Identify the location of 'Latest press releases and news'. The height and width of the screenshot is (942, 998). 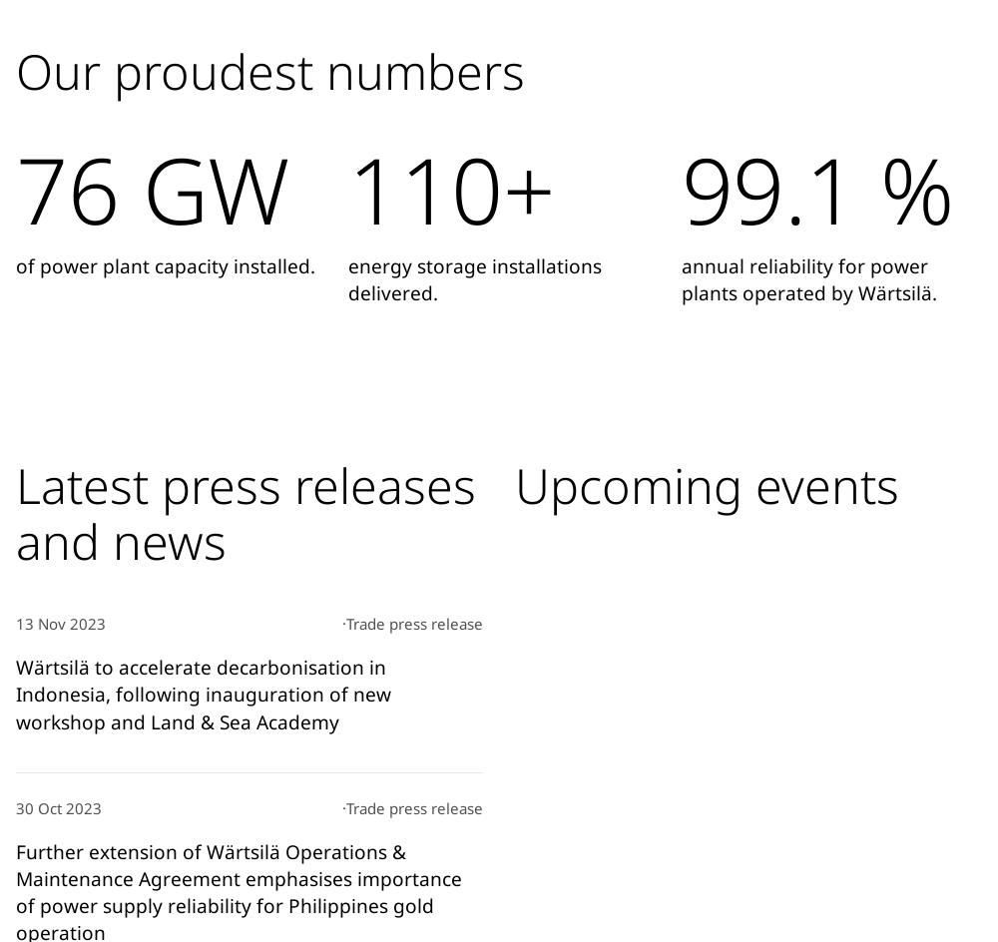
(245, 511).